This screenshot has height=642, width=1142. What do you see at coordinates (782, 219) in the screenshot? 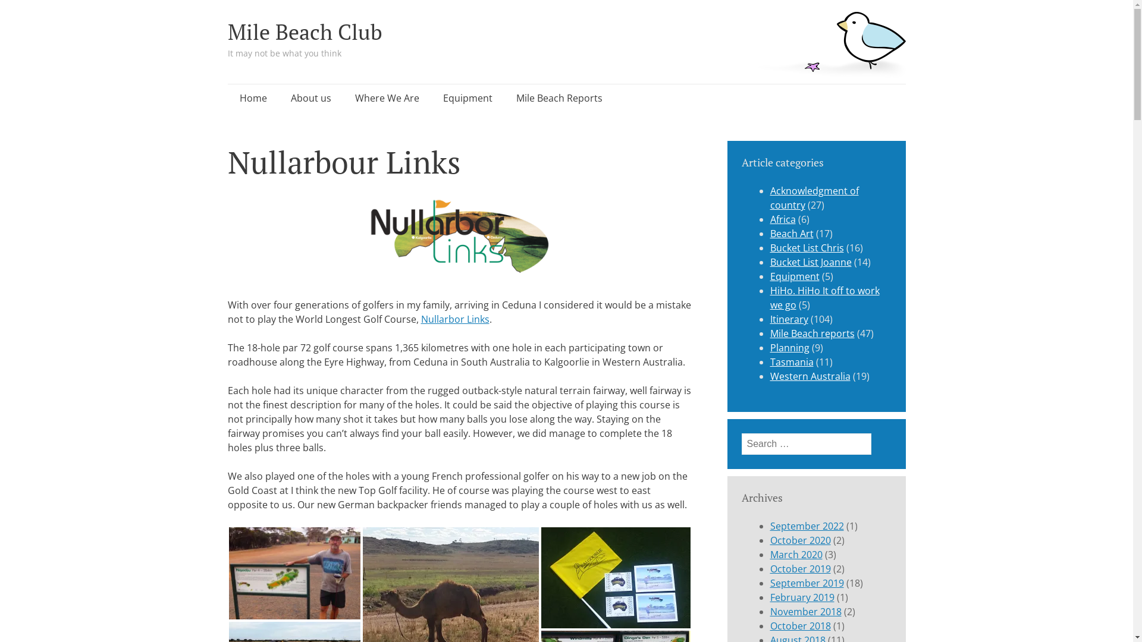
I see `'Africa'` at bounding box center [782, 219].